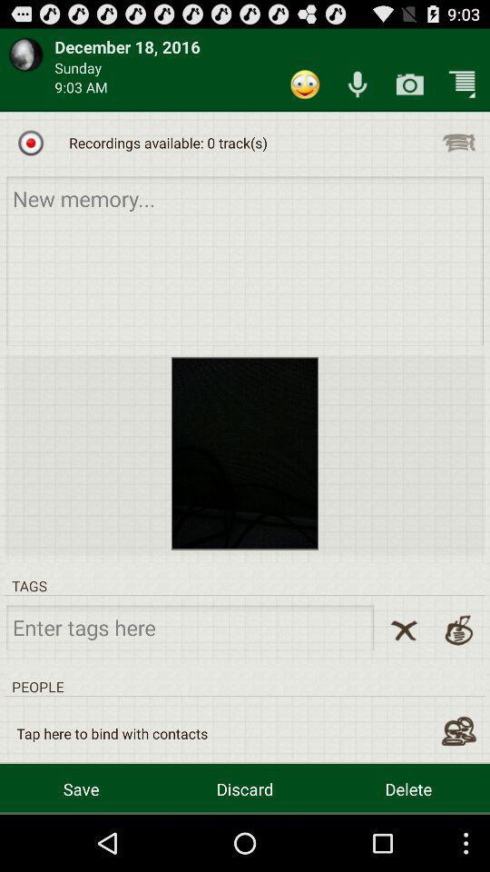 This screenshot has width=490, height=872. What do you see at coordinates (404, 630) in the screenshot?
I see `clear all tags` at bounding box center [404, 630].